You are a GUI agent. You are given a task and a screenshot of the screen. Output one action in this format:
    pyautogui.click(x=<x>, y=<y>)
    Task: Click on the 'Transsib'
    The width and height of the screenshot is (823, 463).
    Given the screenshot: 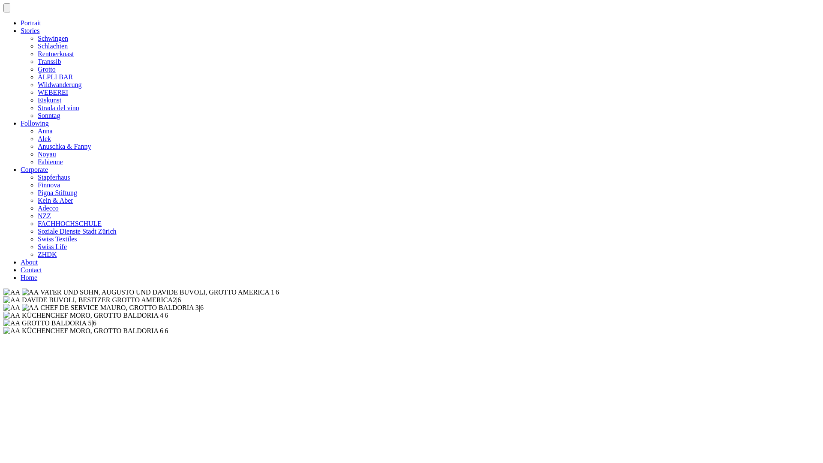 What is the action you would take?
    pyautogui.click(x=37, y=61)
    